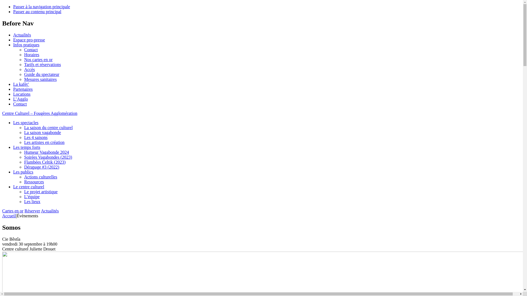  What do you see at coordinates (40, 79) in the screenshot?
I see `'Mesures sanitaires'` at bounding box center [40, 79].